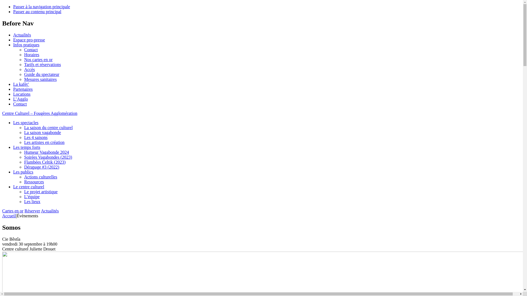  What do you see at coordinates (40, 79) in the screenshot?
I see `'Mesures sanitaires'` at bounding box center [40, 79].